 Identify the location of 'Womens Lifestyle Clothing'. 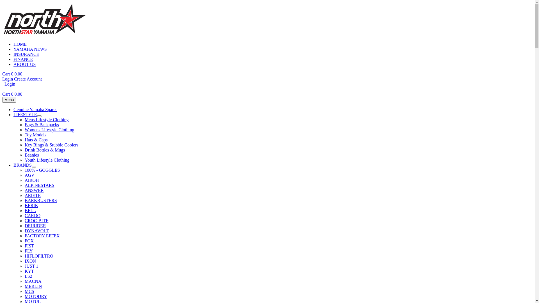
(49, 130).